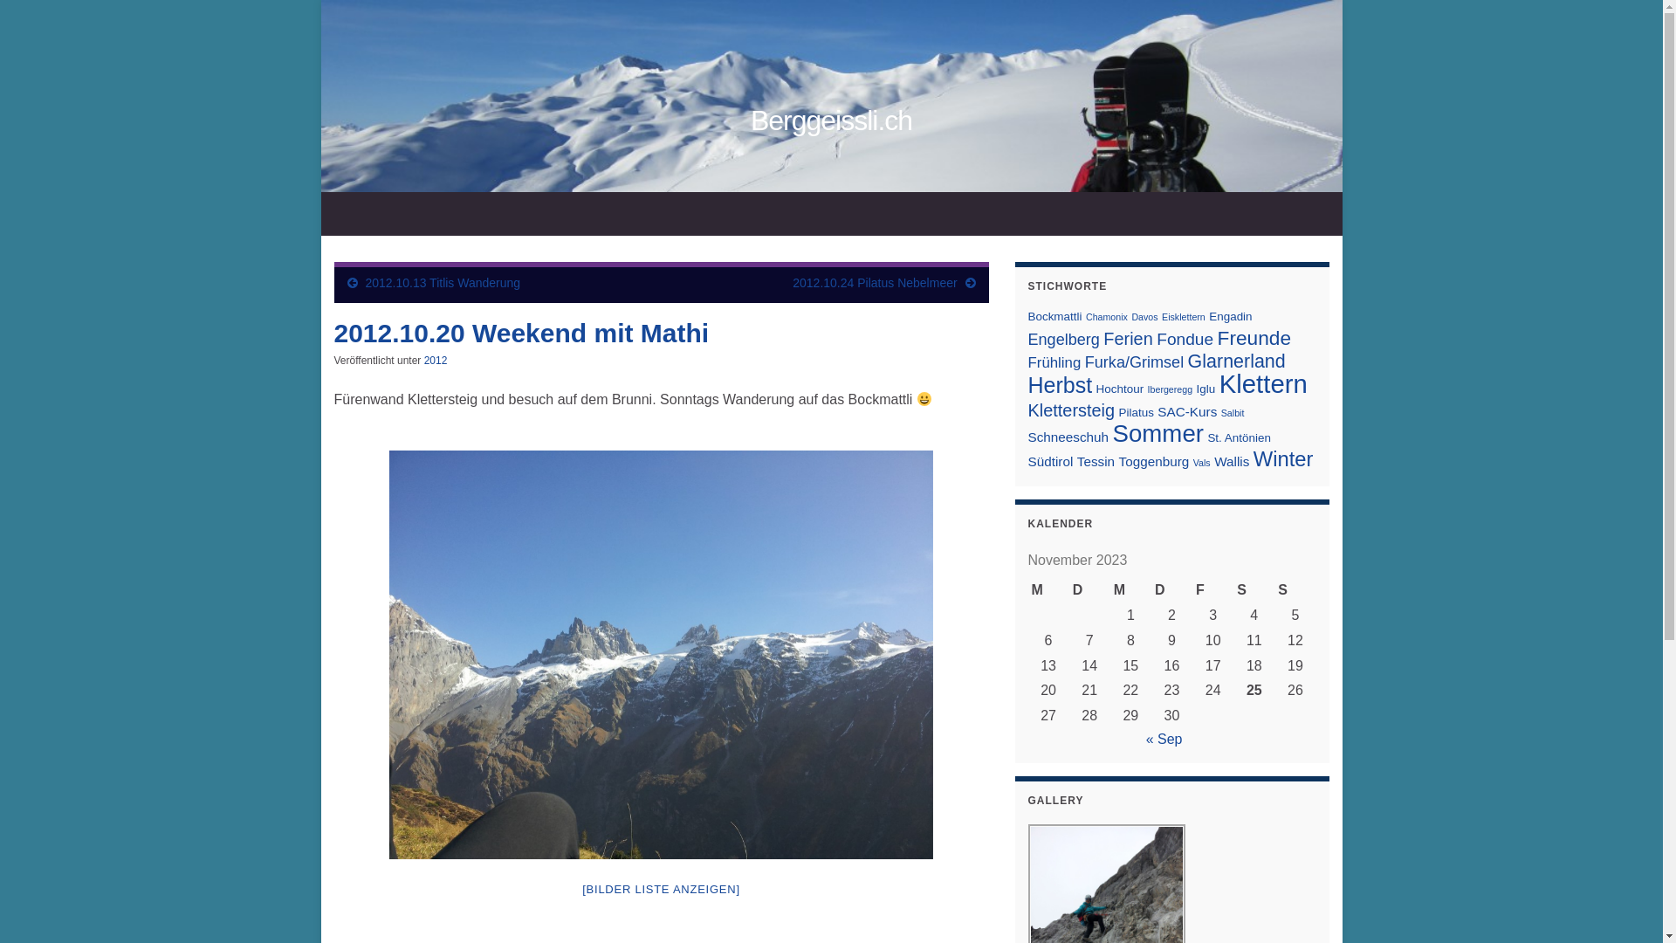 The image size is (1676, 943). I want to click on 'Glarnerland', so click(1235, 360).